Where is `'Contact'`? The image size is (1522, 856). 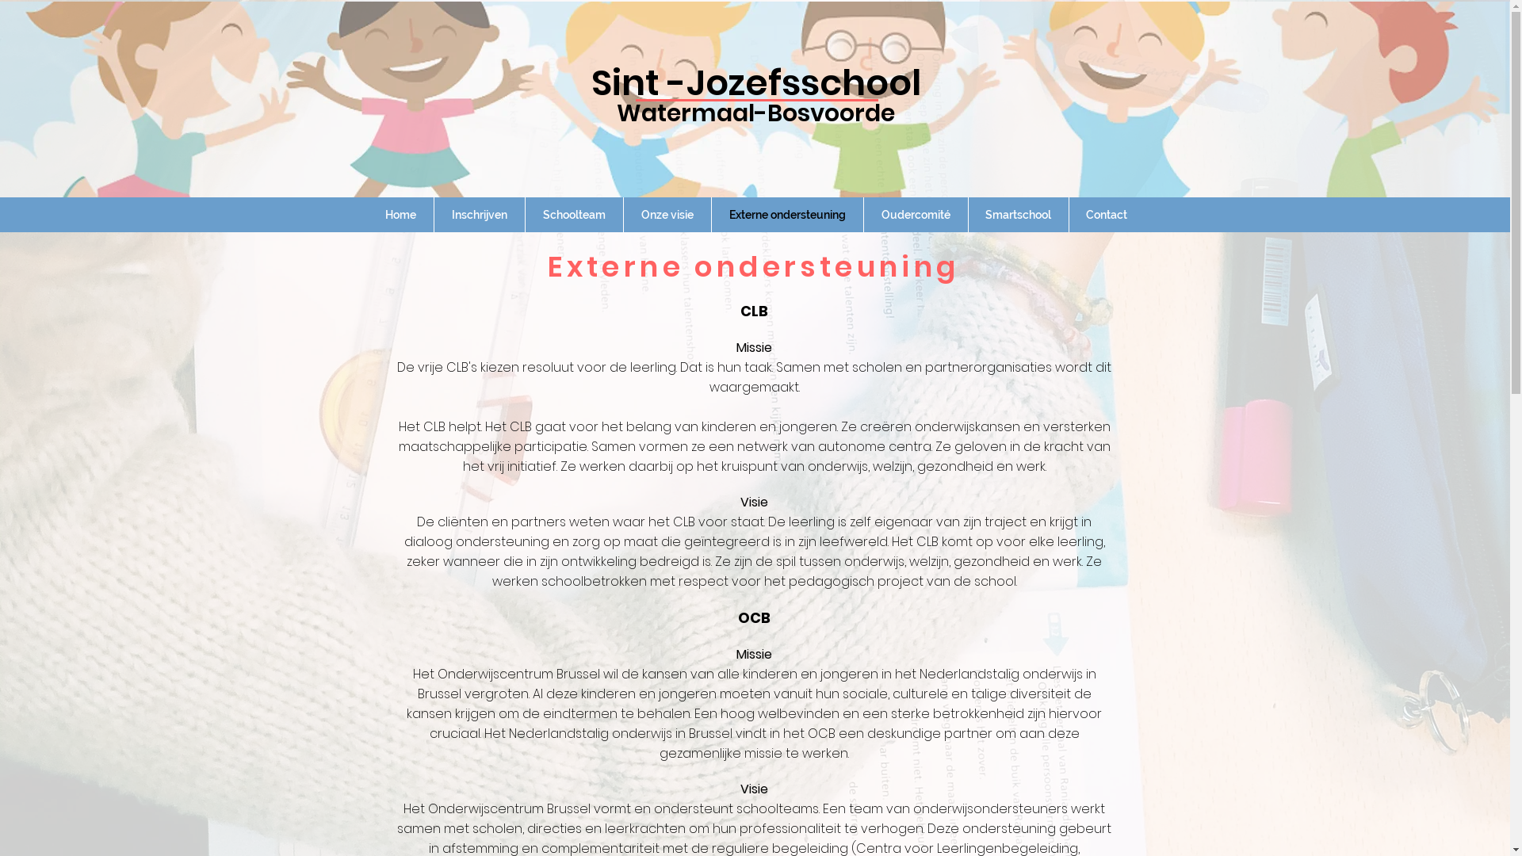
'Contact' is located at coordinates (1105, 214).